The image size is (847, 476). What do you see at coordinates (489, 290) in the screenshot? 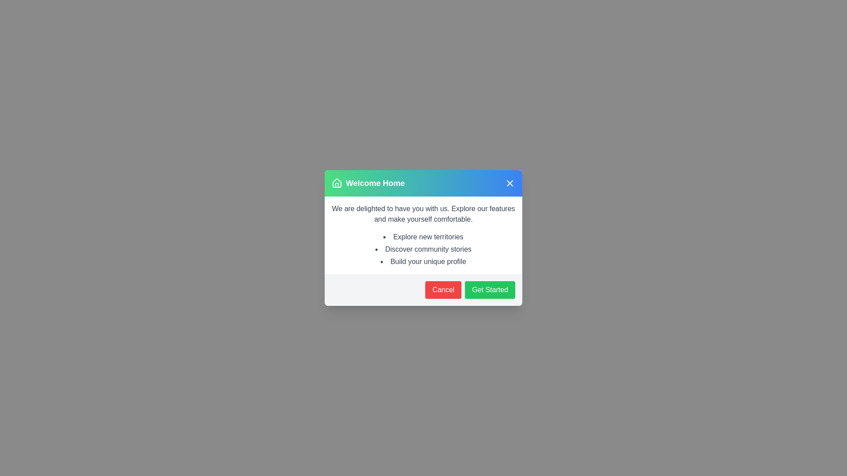
I see `the 'Get Started' button to proceed` at bounding box center [489, 290].